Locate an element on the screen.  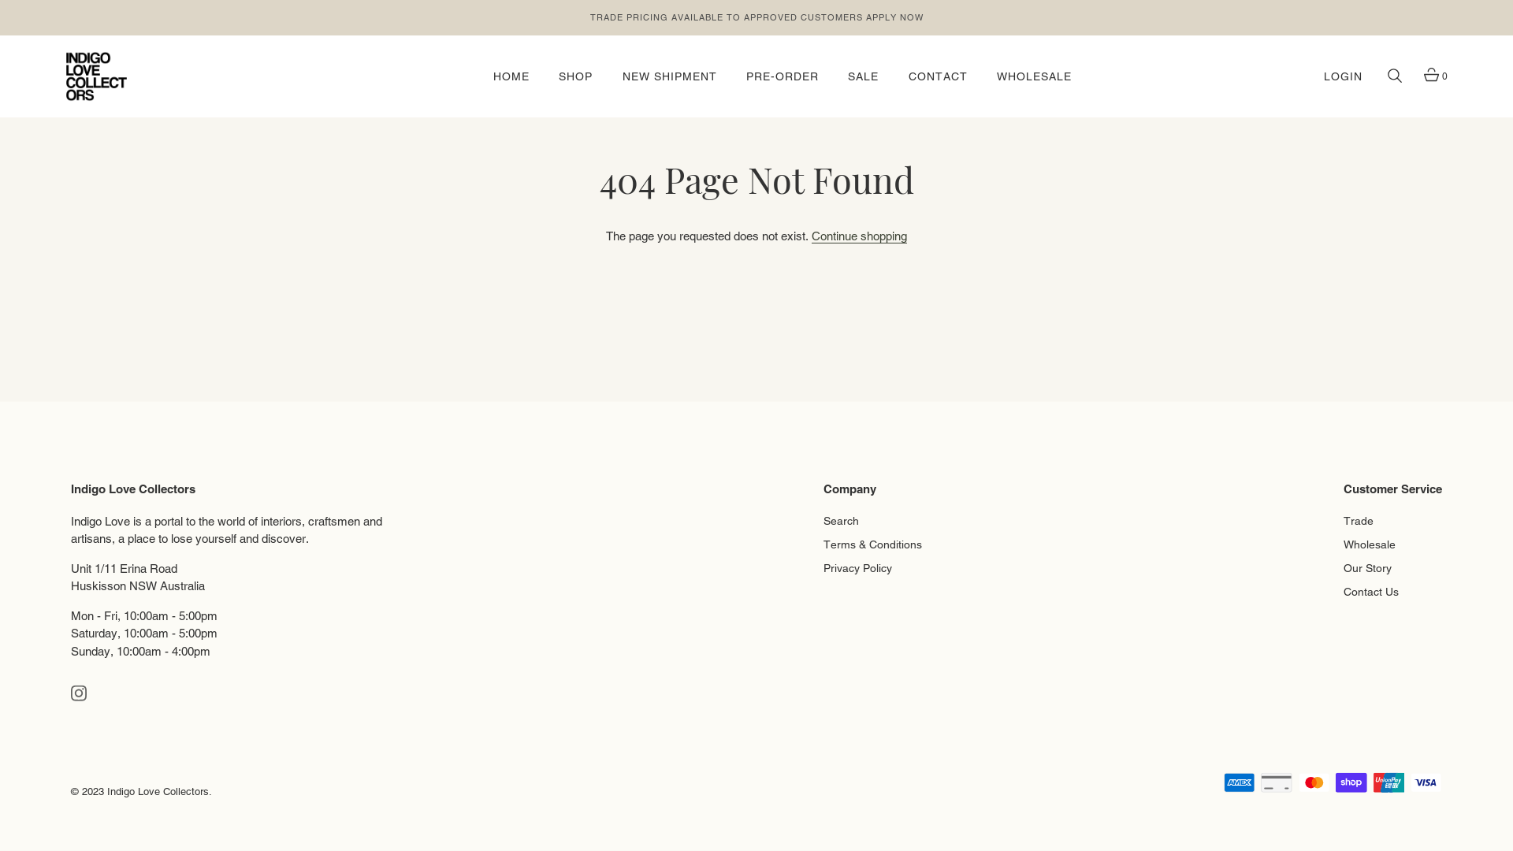
'Our Story' is located at coordinates (1366, 564).